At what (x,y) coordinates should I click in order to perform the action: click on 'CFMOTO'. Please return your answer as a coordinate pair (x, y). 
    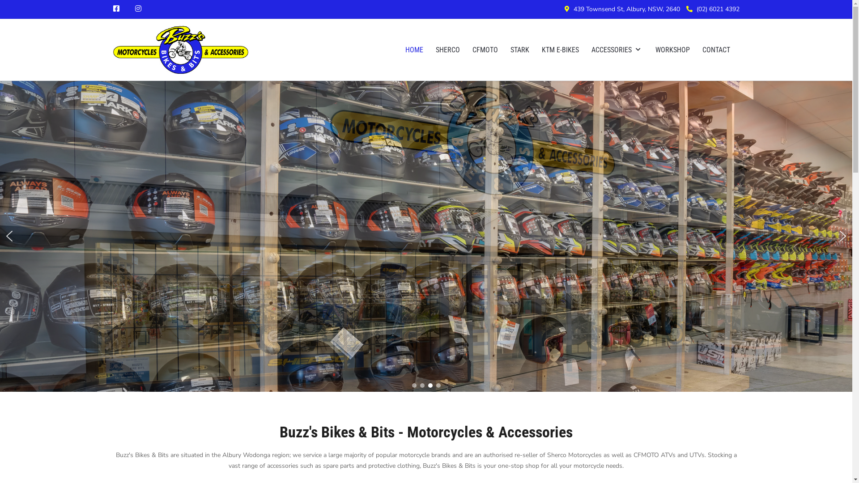
    Looking at the image, I should click on (485, 50).